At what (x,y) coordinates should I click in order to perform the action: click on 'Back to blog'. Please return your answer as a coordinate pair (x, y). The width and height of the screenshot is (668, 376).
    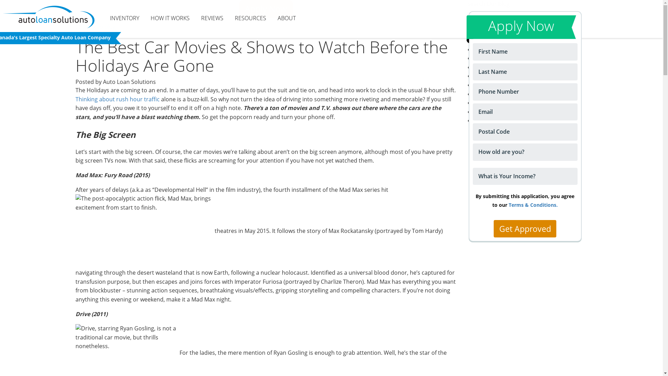
    Looking at the image, I should click on (99, 26).